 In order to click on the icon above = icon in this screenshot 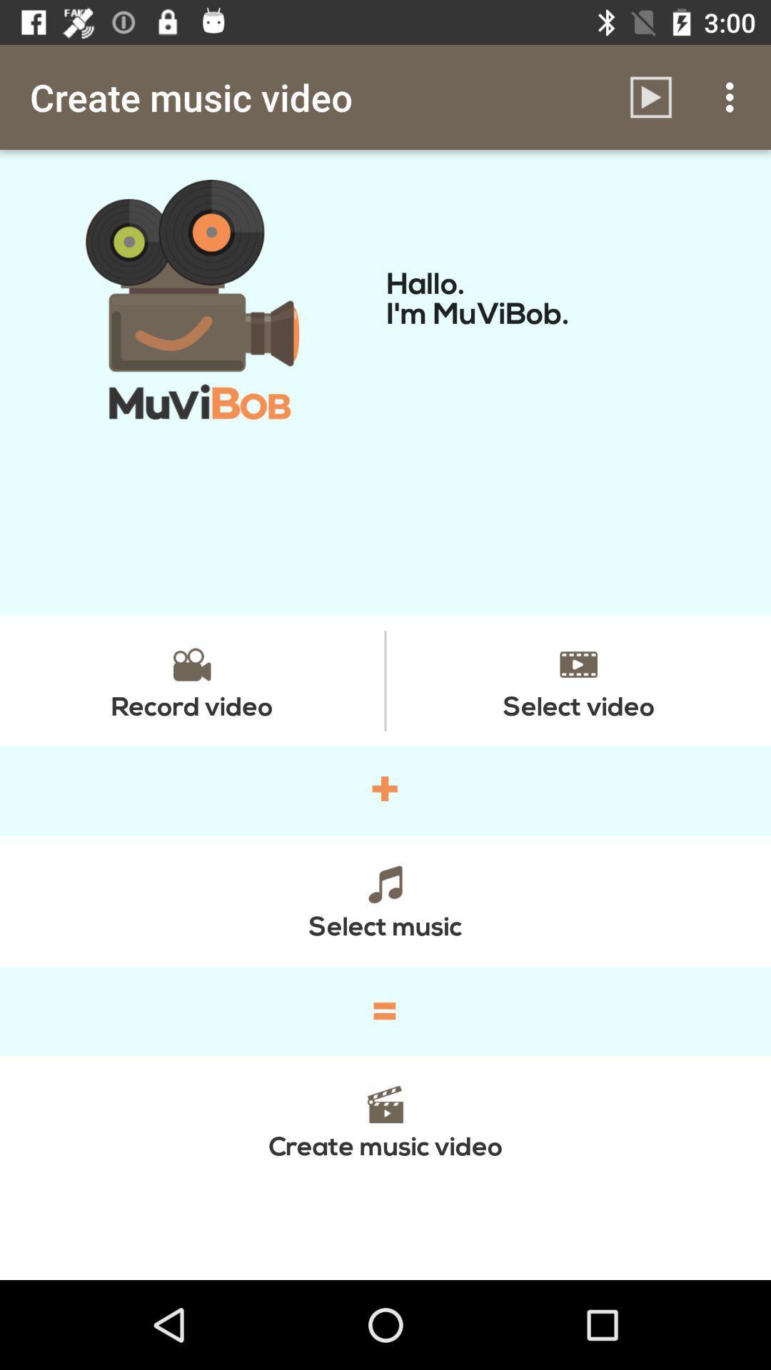, I will do `click(385, 900)`.